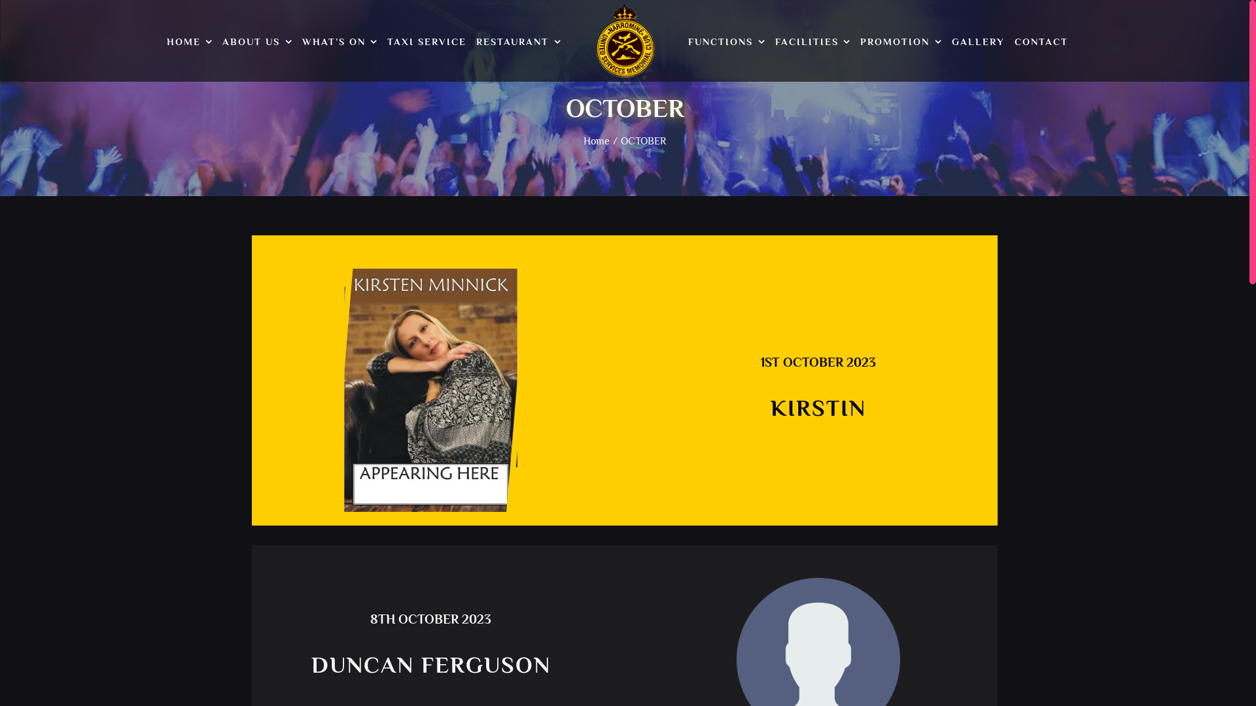 This screenshot has height=706, width=1256. Describe the element at coordinates (427, 42) in the screenshot. I see `'TAXI SERVICE'` at that location.